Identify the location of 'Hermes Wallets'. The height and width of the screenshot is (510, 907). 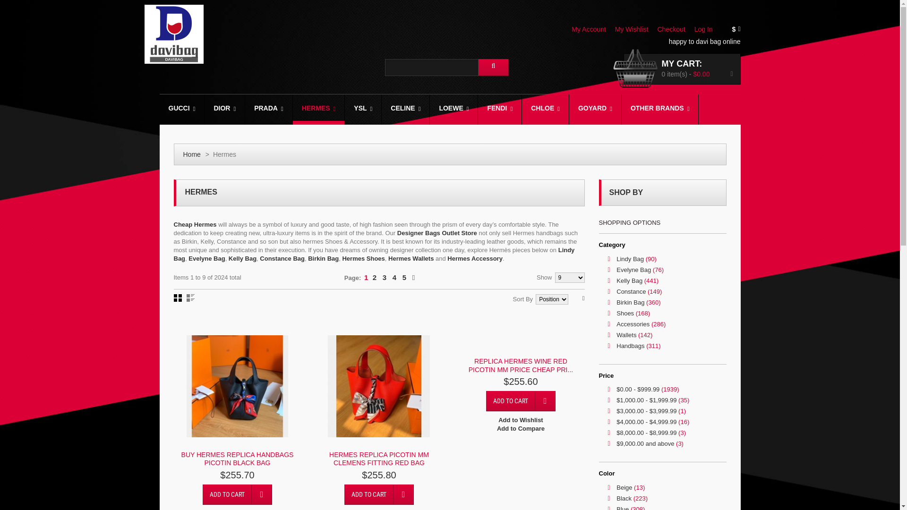
(411, 258).